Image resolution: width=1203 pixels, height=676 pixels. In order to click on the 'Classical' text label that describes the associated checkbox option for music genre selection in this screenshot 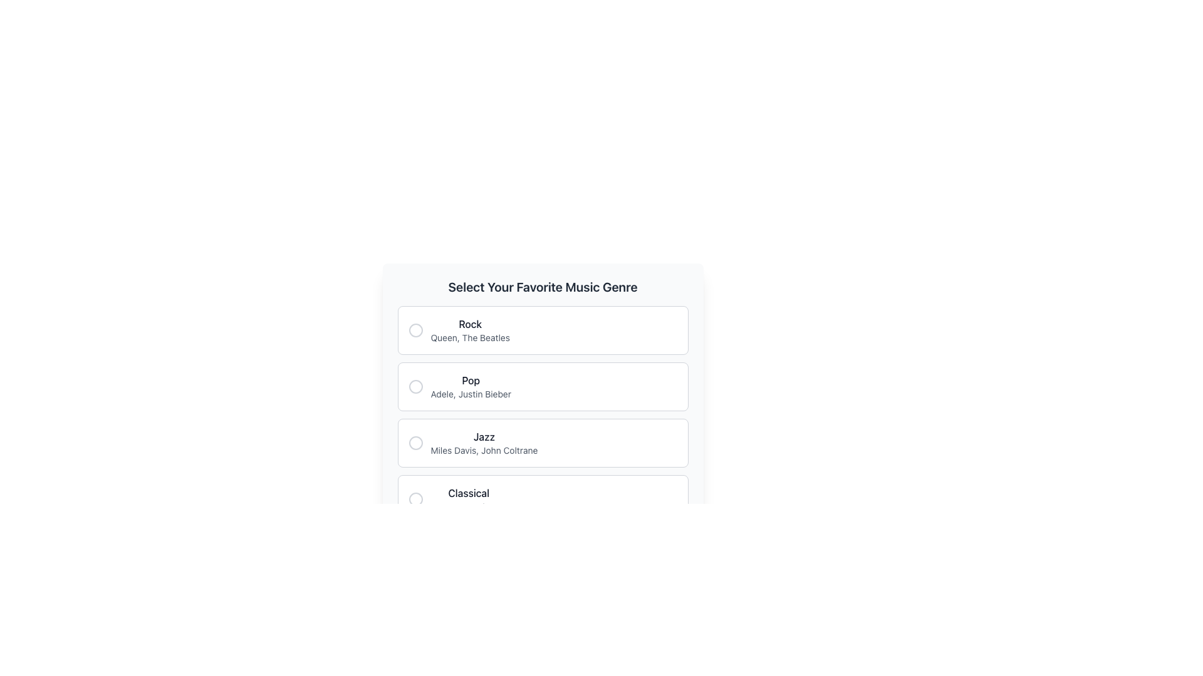, I will do `click(468, 492)`.